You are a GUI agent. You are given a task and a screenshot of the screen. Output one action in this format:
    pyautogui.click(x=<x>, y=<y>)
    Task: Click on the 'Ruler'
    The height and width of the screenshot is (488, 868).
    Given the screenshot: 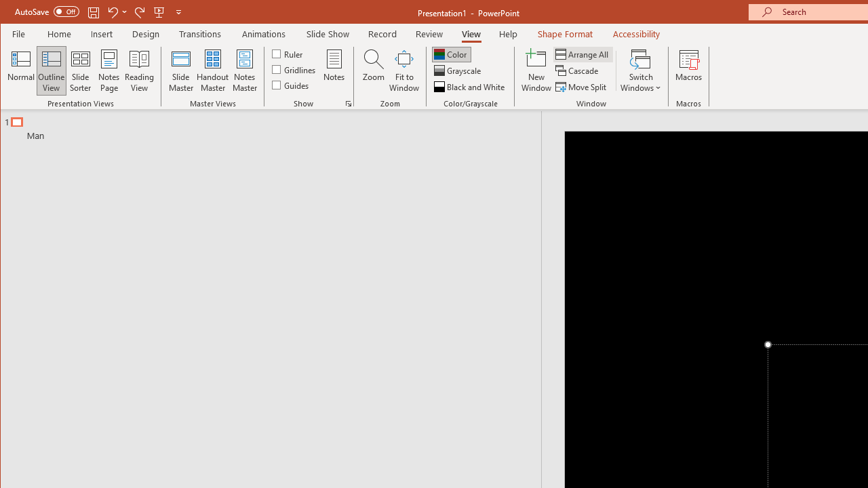 What is the action you would take?
    pyautogui.click(x=288, y=53)
    